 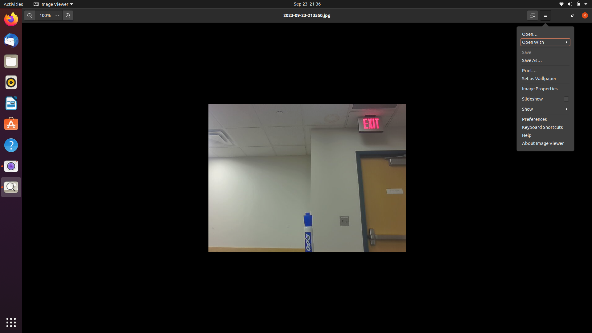 I want to click on Close the menu, so click(x=545, y=15).